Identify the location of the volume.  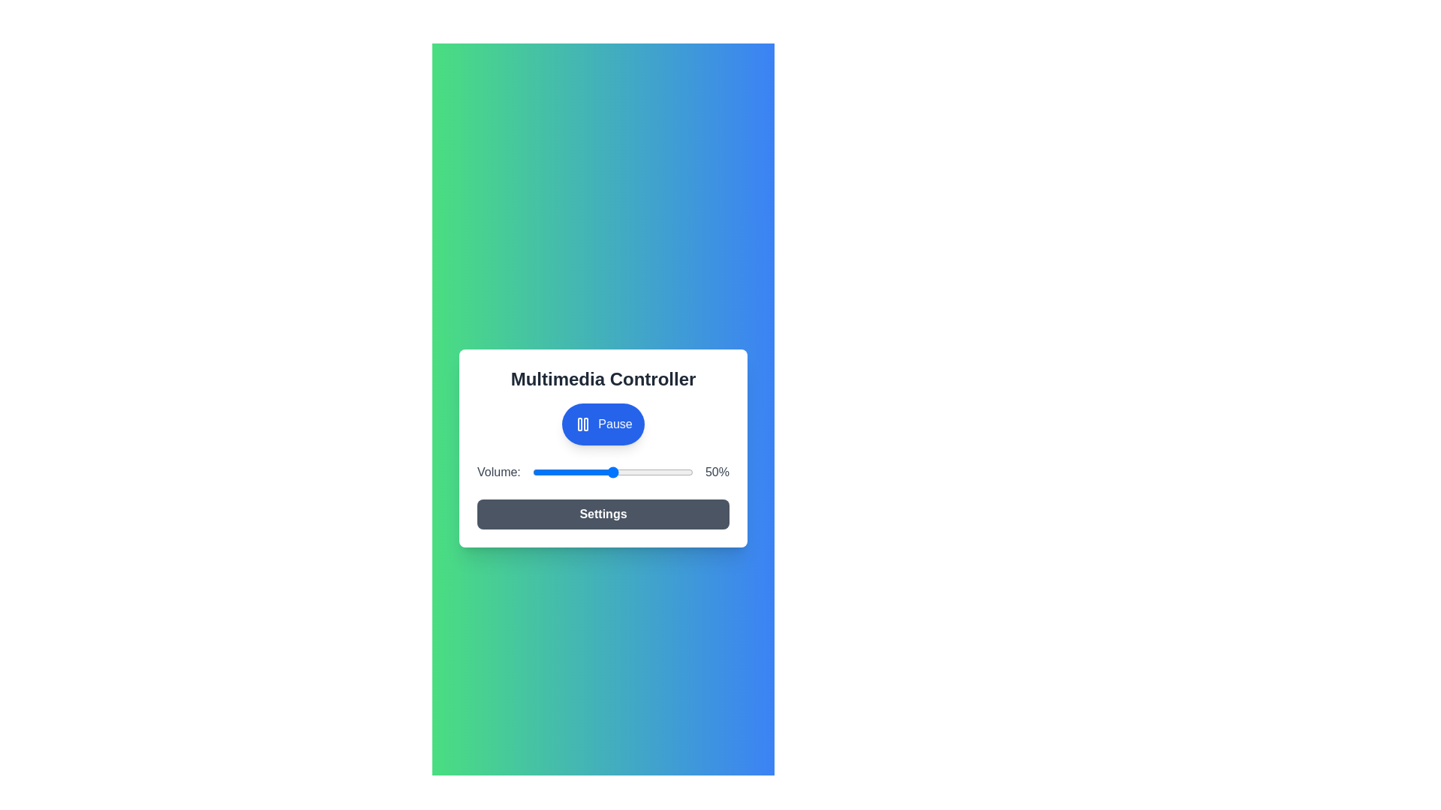
(551, 471).